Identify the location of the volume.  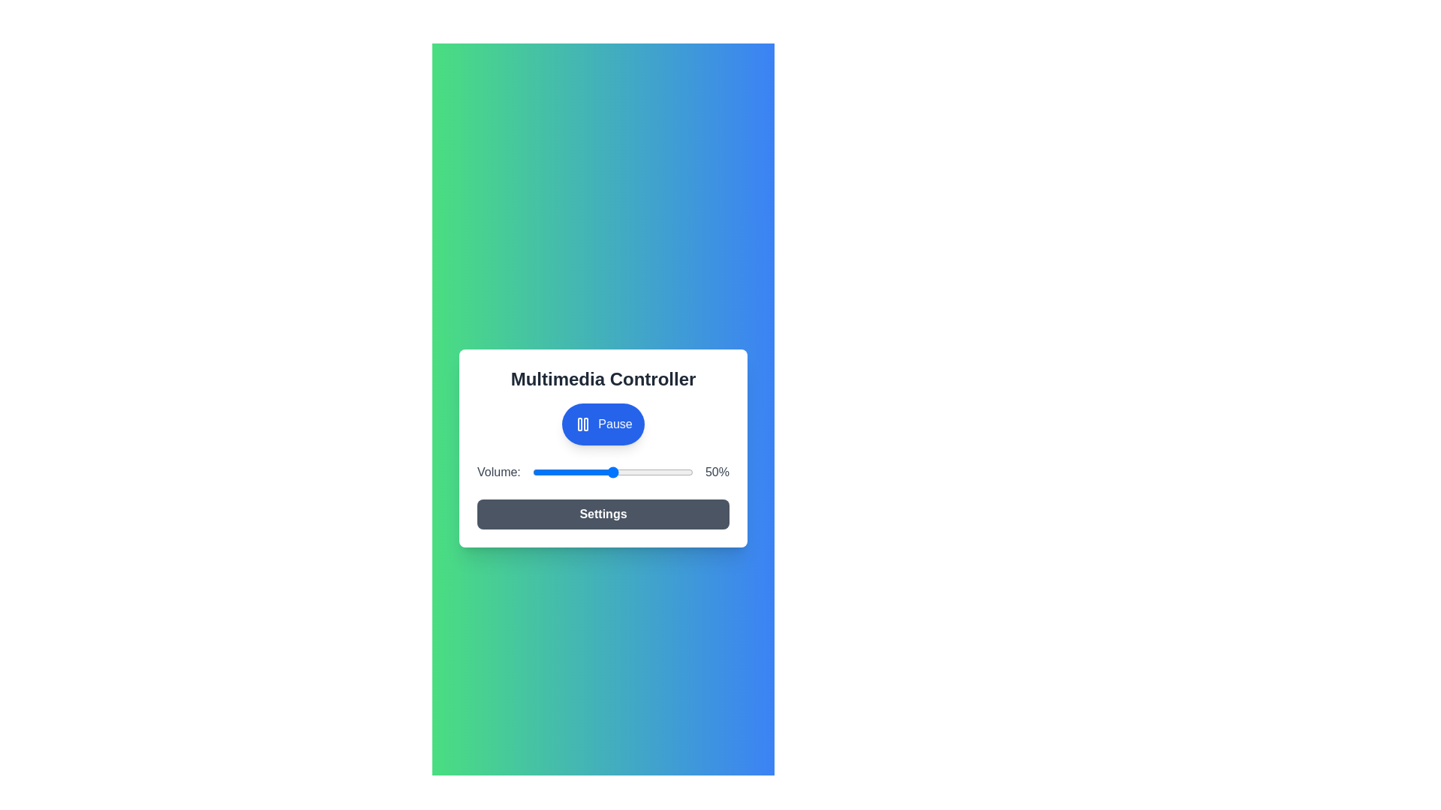
(551, 471).